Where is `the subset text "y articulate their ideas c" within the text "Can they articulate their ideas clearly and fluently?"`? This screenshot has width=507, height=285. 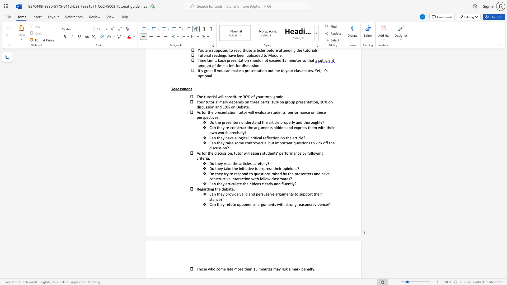 the subset text "y articulate their ideas c" within the text "Can they articulate their ideas clearly and fluently?" is located at coordinates (222, 183).